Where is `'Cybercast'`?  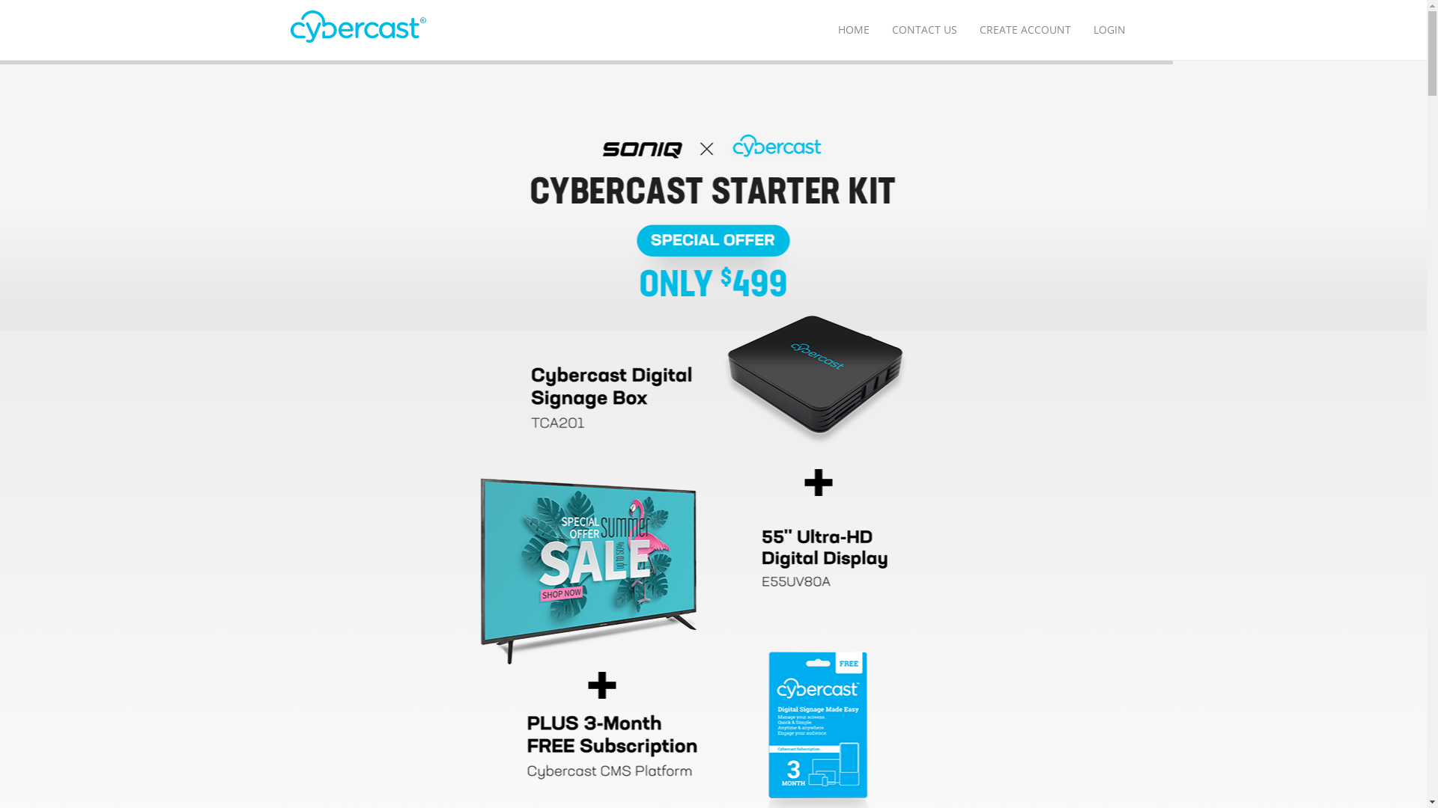 'Cybercast' is located at coordinates (291, 27).